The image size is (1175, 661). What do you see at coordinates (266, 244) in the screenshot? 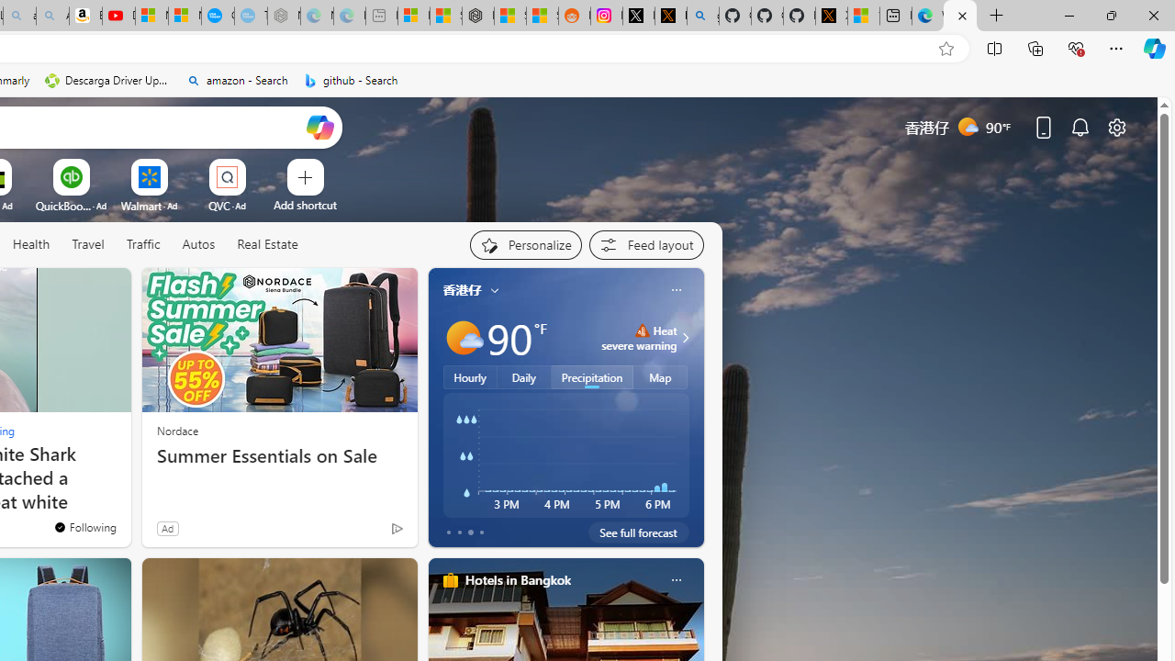
I see `'Real Estate'` at bounding box center [266, 244].